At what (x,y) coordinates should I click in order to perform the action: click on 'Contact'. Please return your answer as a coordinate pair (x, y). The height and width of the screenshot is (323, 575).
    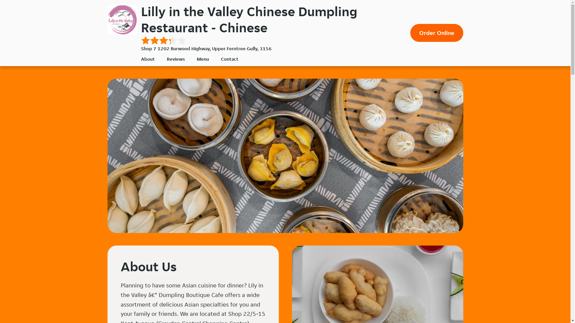
    Looking at the image, I should click on (229, 59).